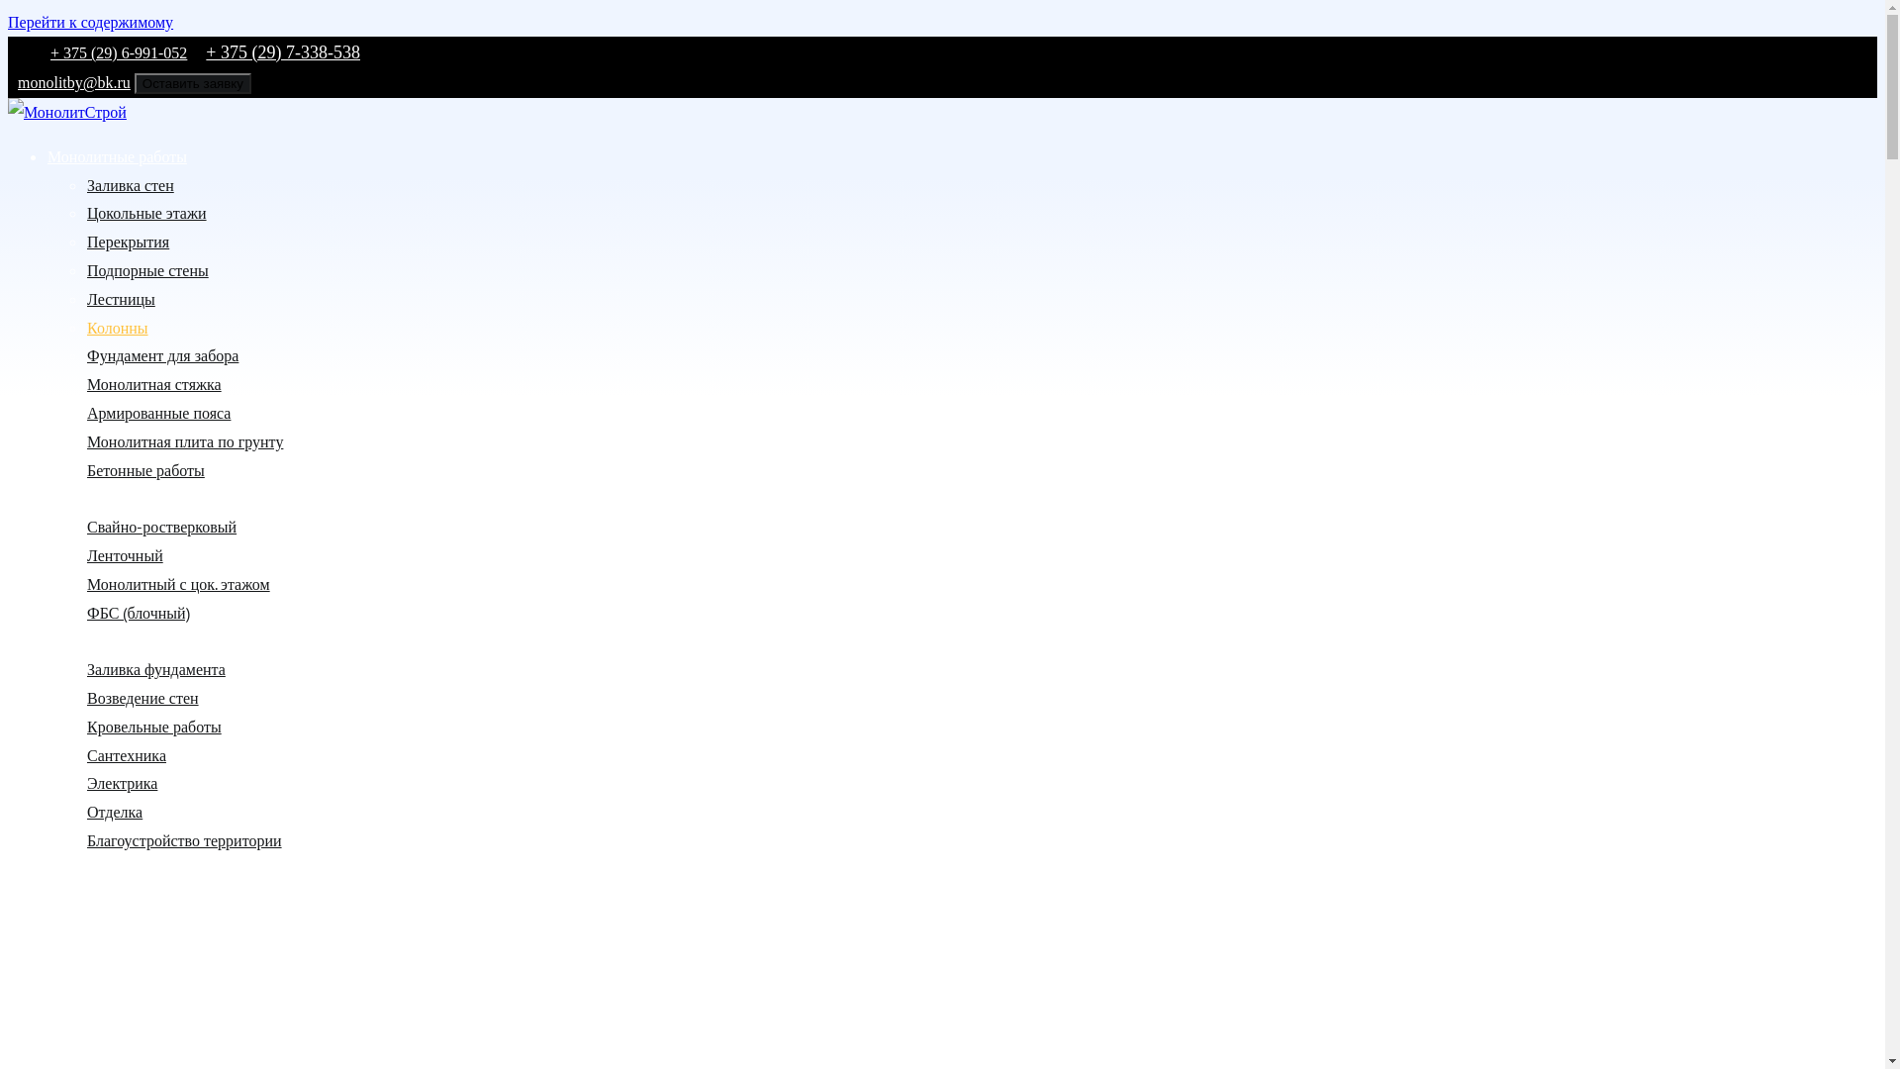  I want to click on '+ 375 (29) 7-338-538', so click(282, 51).